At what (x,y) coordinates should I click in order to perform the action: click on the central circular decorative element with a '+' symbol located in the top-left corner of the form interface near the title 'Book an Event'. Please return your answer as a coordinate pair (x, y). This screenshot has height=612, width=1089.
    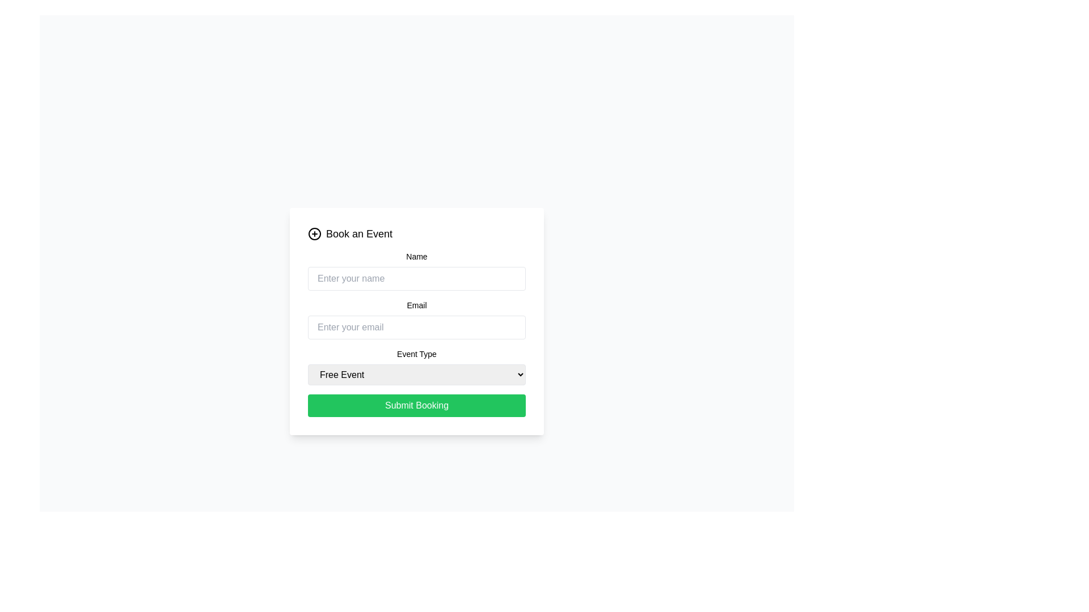
    Looking at the image, I should click on (315, 233).